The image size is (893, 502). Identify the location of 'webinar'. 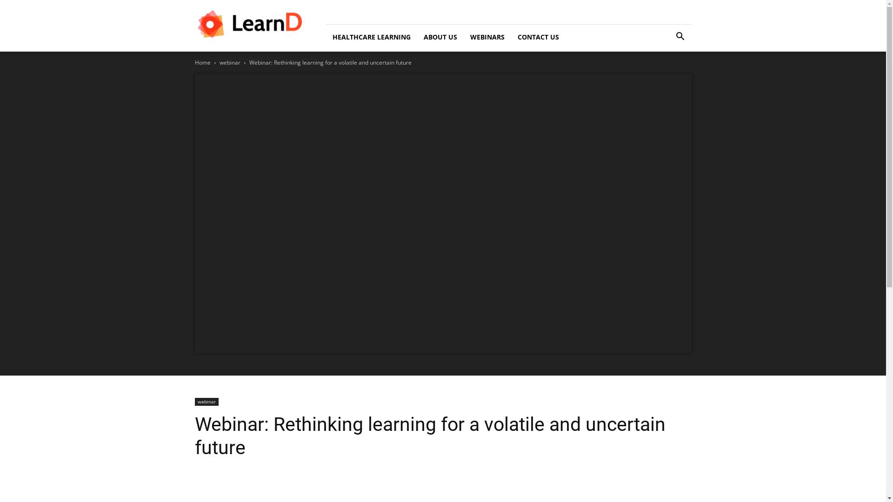
(219, 62).